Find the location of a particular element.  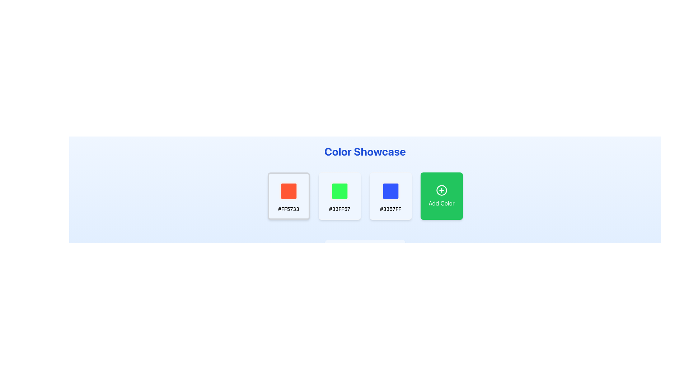

the text label reading '#33FF57' that is centrally aligned below a green square in the second card from the left in the showcase is located at coordinates (339, 209).